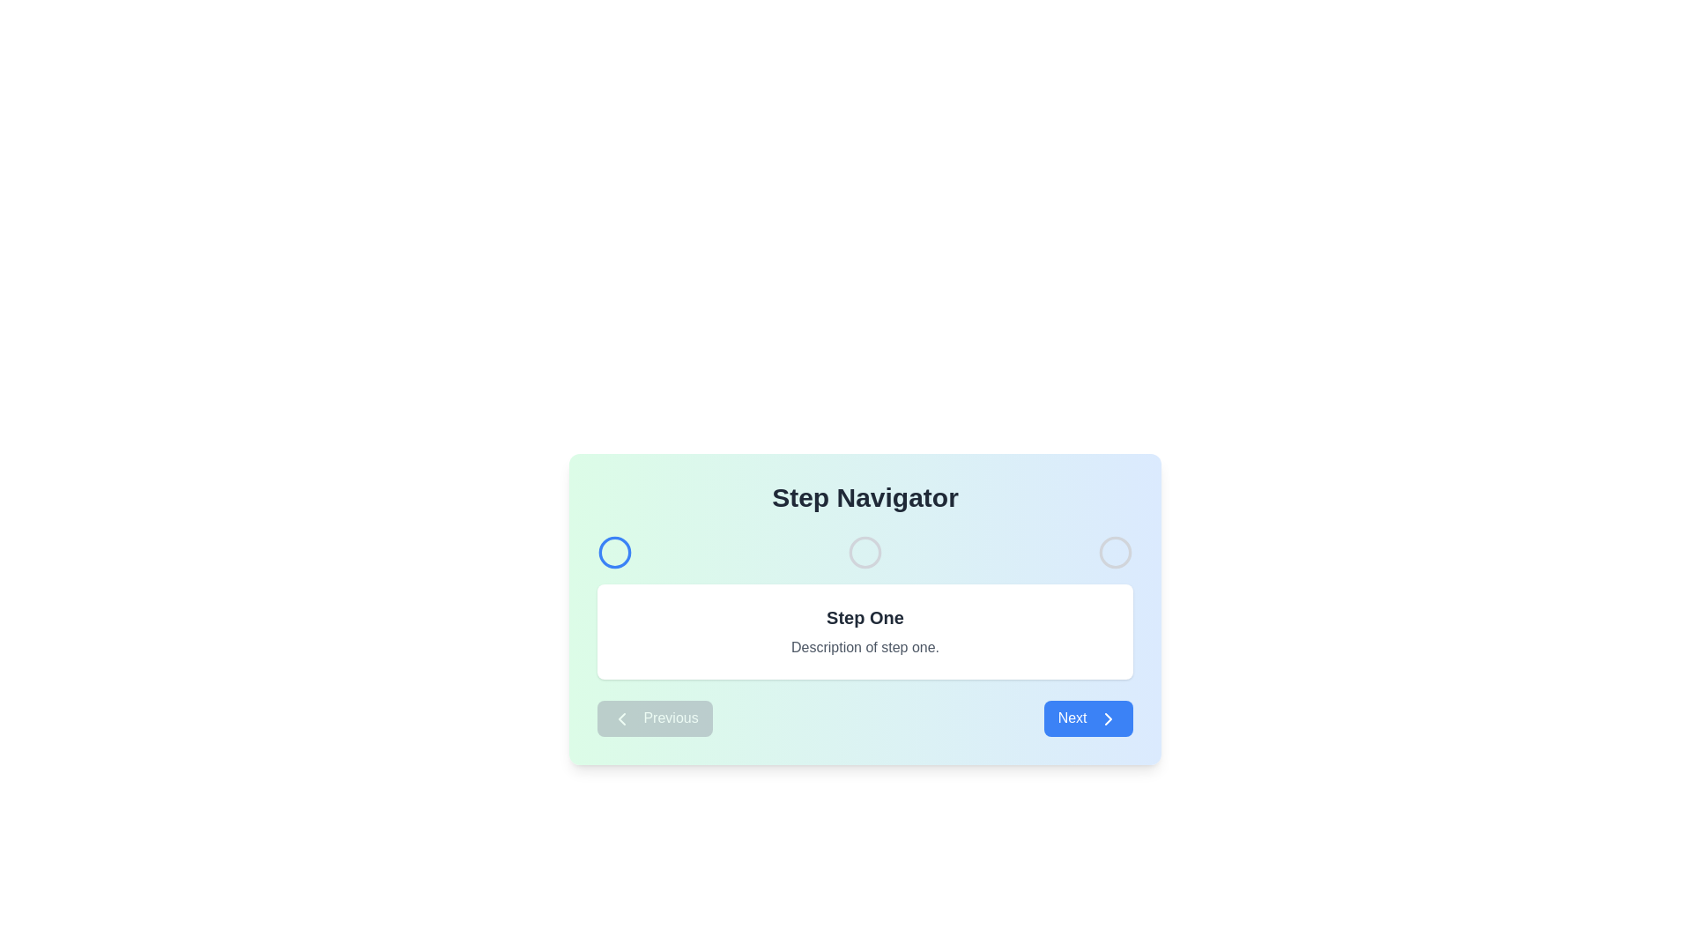 Image resolution: width=1692 pixels, height=952 pixels. I want to click on the blue 'Next' button with white text and a right-pointing chevron icon located at the bottom-right corner of the card interface, so click(1087, 718).